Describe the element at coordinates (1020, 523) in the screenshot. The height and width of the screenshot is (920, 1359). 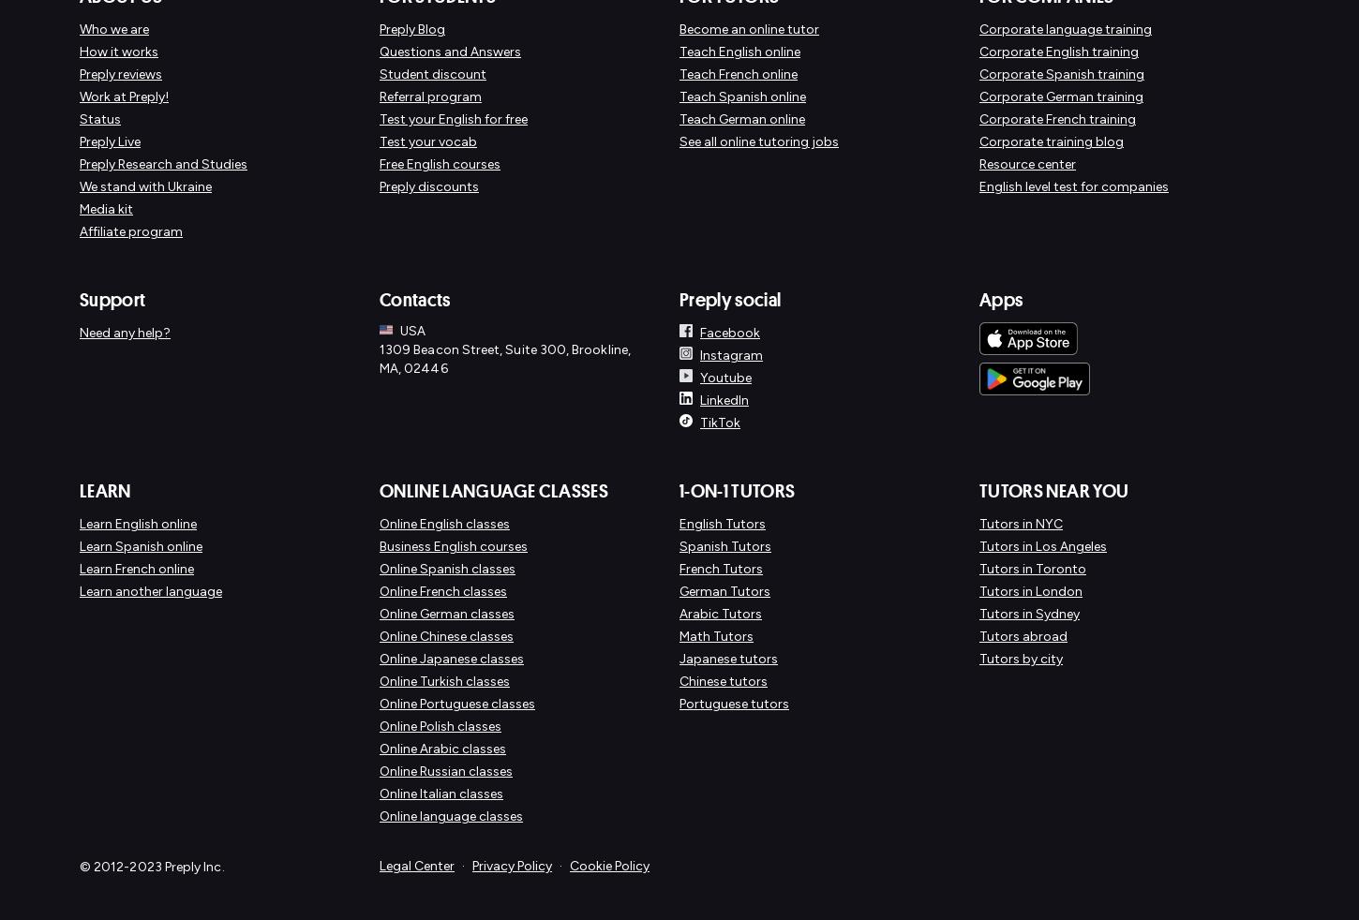
I see `'Tutors in NYC'` at that location.